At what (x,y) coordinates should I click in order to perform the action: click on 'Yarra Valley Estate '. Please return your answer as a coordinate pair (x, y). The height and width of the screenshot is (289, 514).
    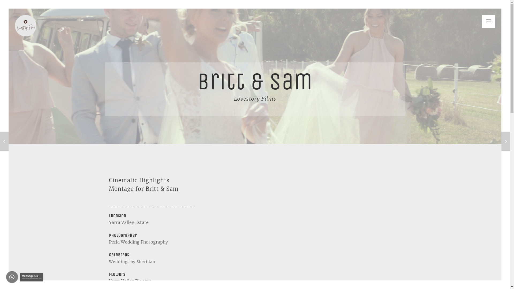
    Looking at the image, I should click on (129, 222).